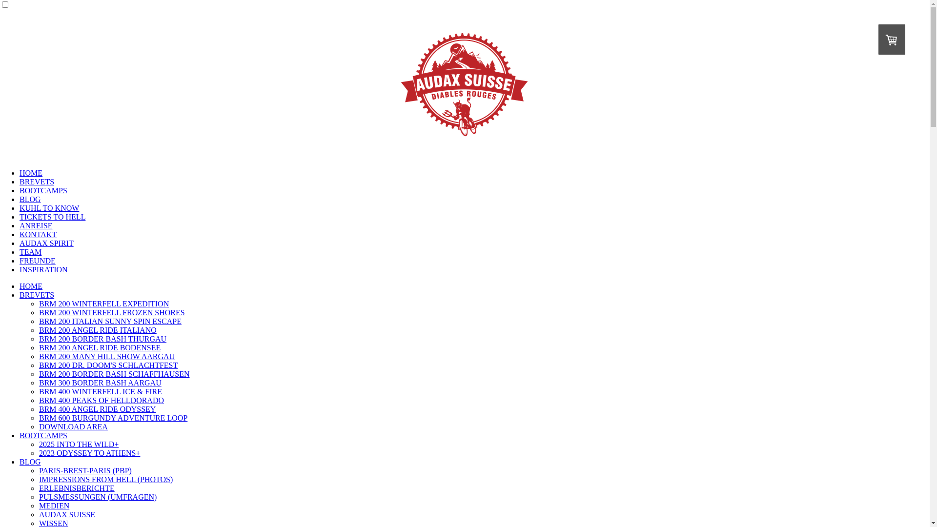 This screenshot has width=937, height=527. Describe the element at coordinates (39, 321) in the screenshot. I see `'BRM 200 ITALIAN SUNNY SPIN ESCAPE'` at that location.